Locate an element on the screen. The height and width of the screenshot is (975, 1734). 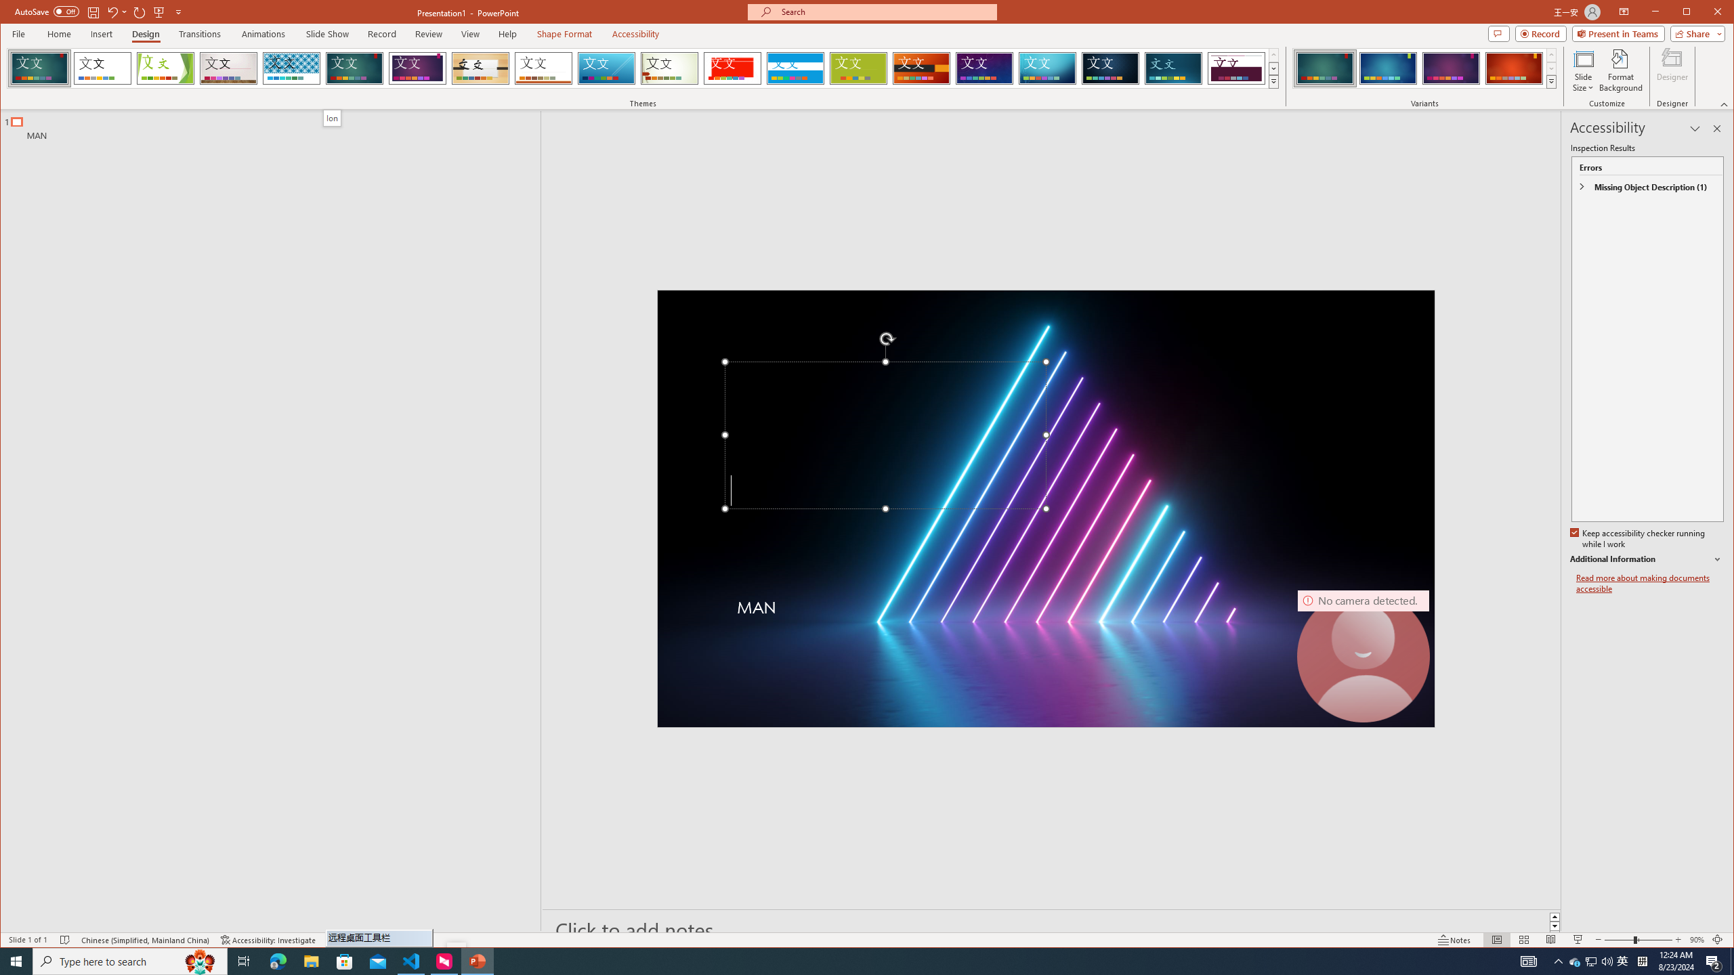
'Help' is located at coordinates (508, 33).